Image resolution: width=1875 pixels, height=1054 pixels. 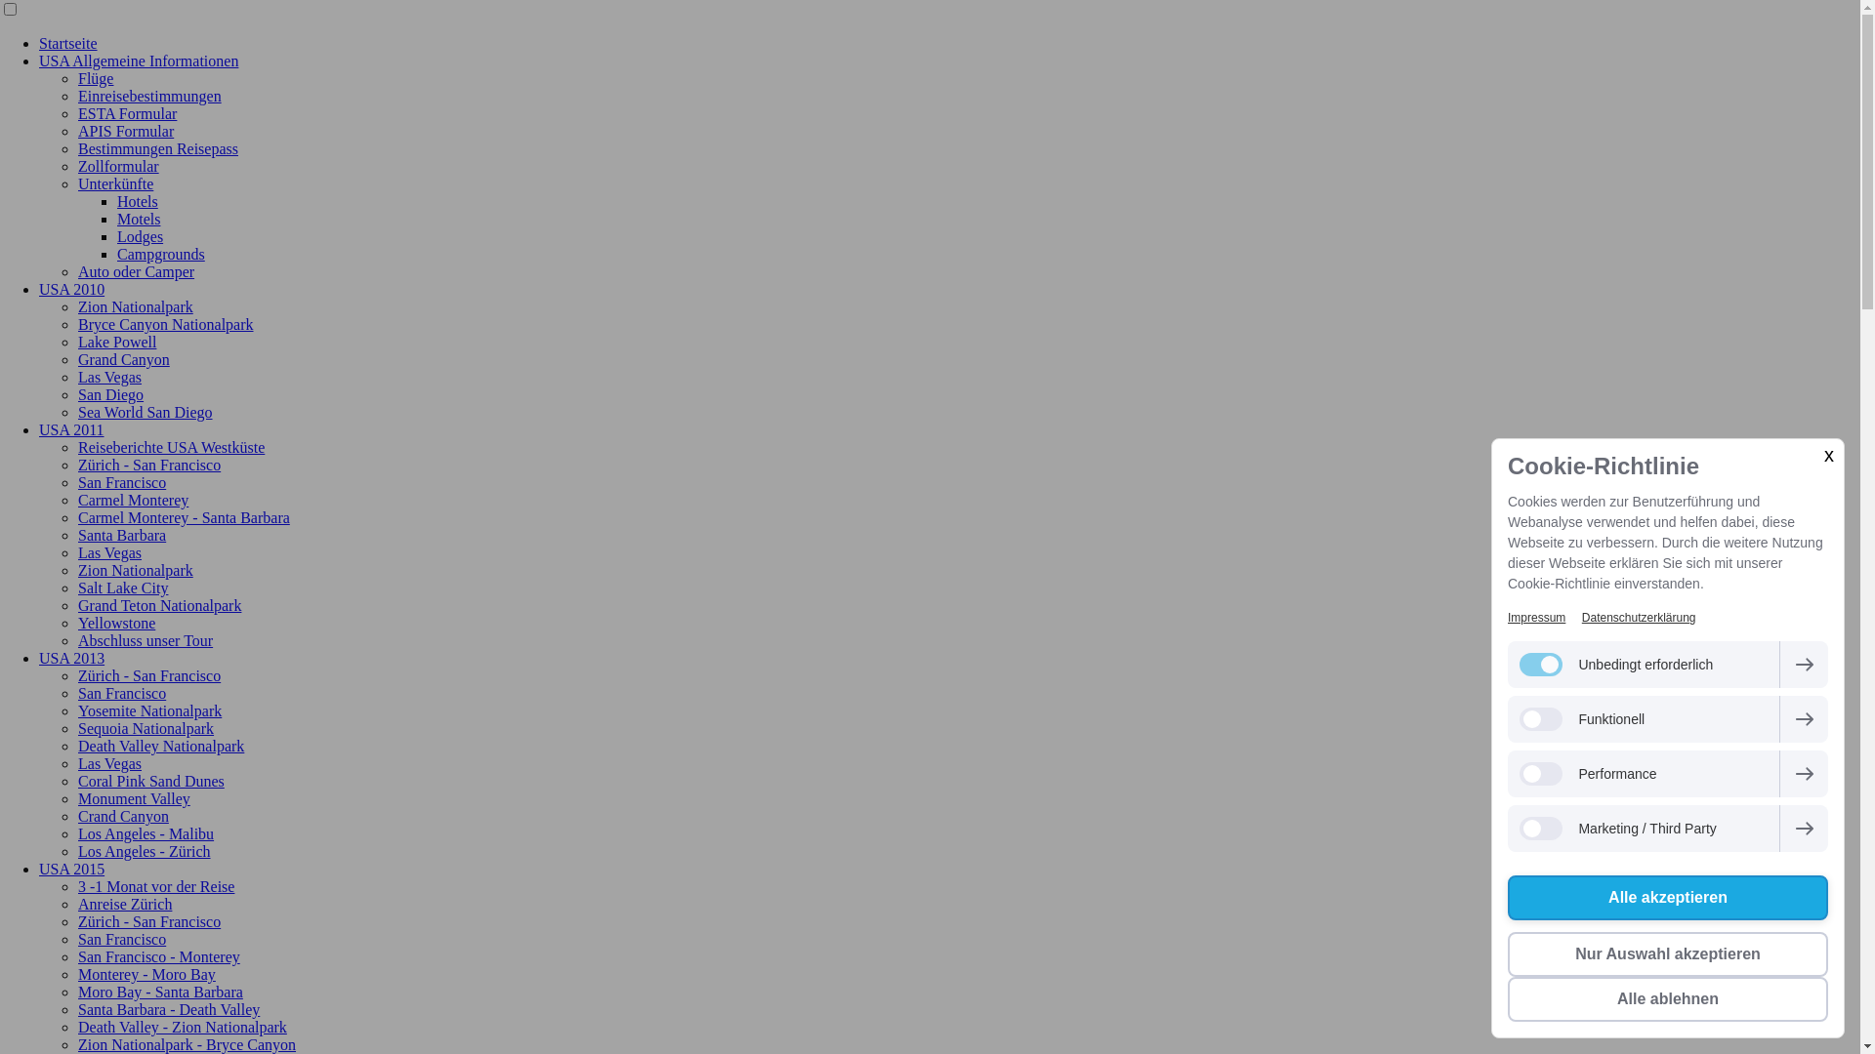 What do you see at coordinates (78, 955) in the screenshot?
I see `'San Francisco - Monterey'` at bounding box center [78, 955].